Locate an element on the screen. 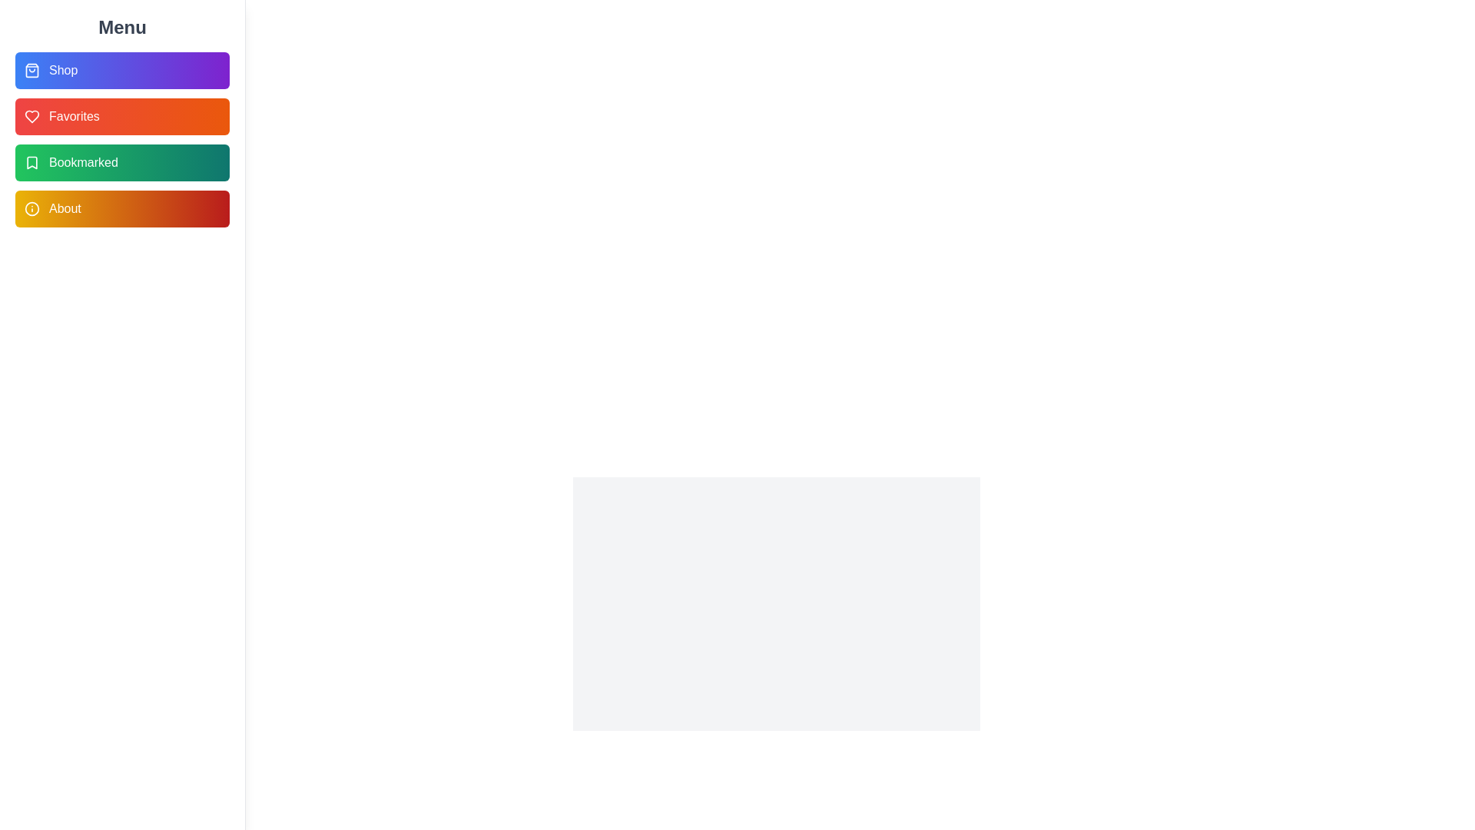  the Bookmarked menu item is located at coordinates (121, 163).